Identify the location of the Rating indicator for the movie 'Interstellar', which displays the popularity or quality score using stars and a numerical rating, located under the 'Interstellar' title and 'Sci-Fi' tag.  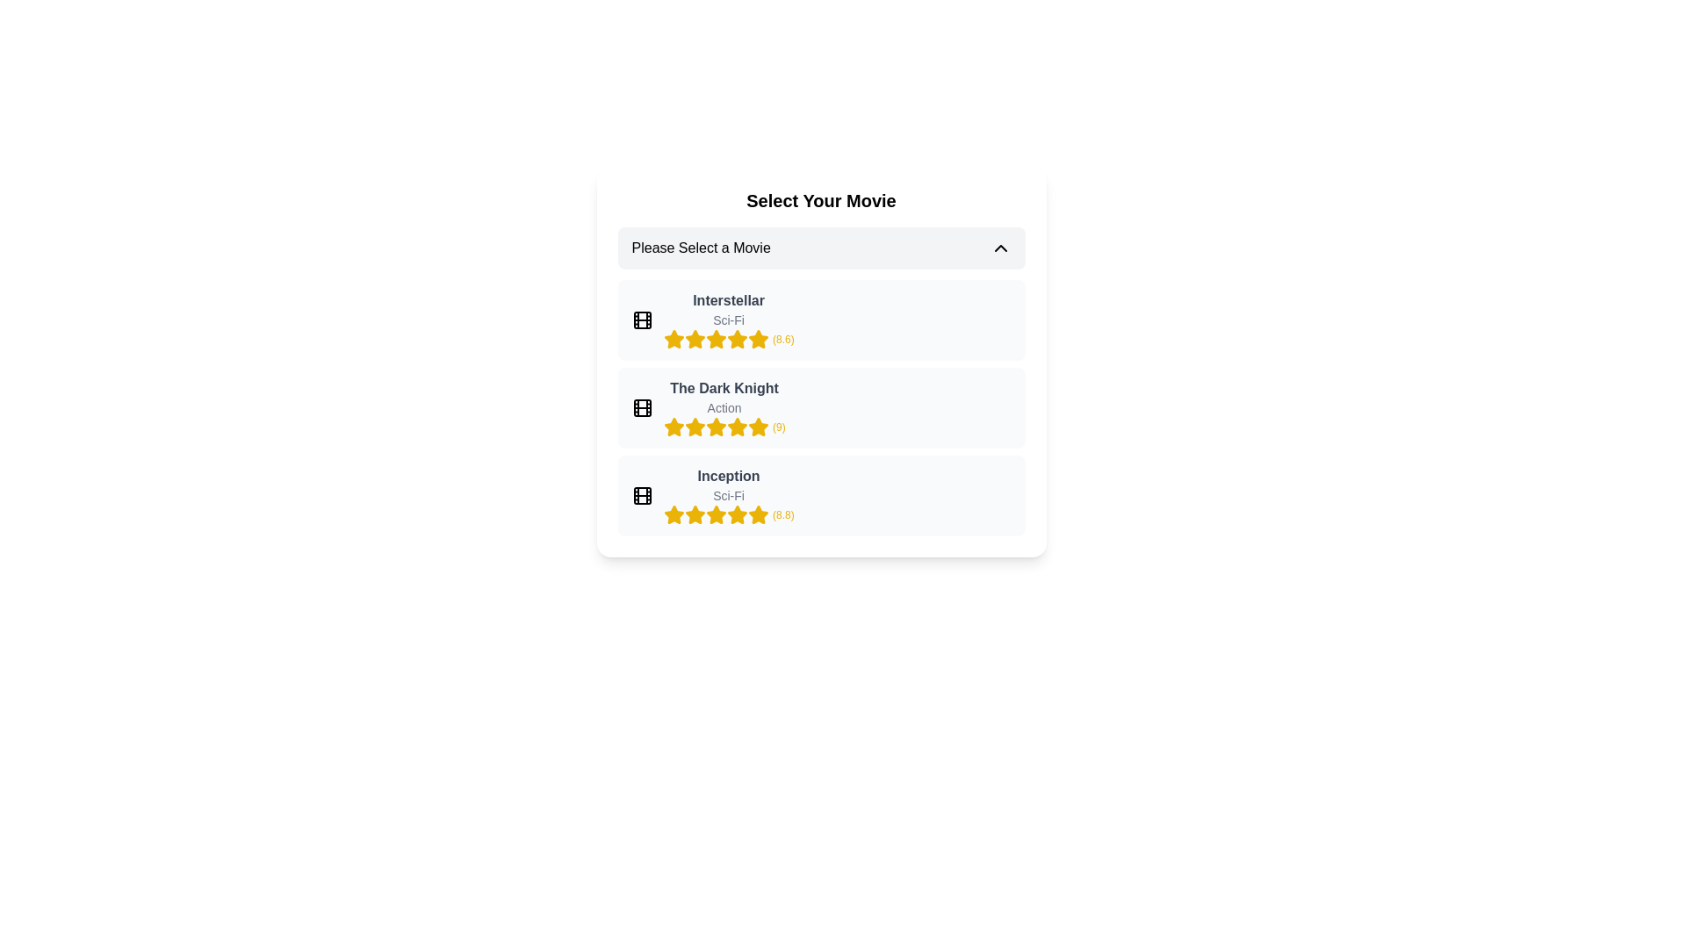
(729, 339).